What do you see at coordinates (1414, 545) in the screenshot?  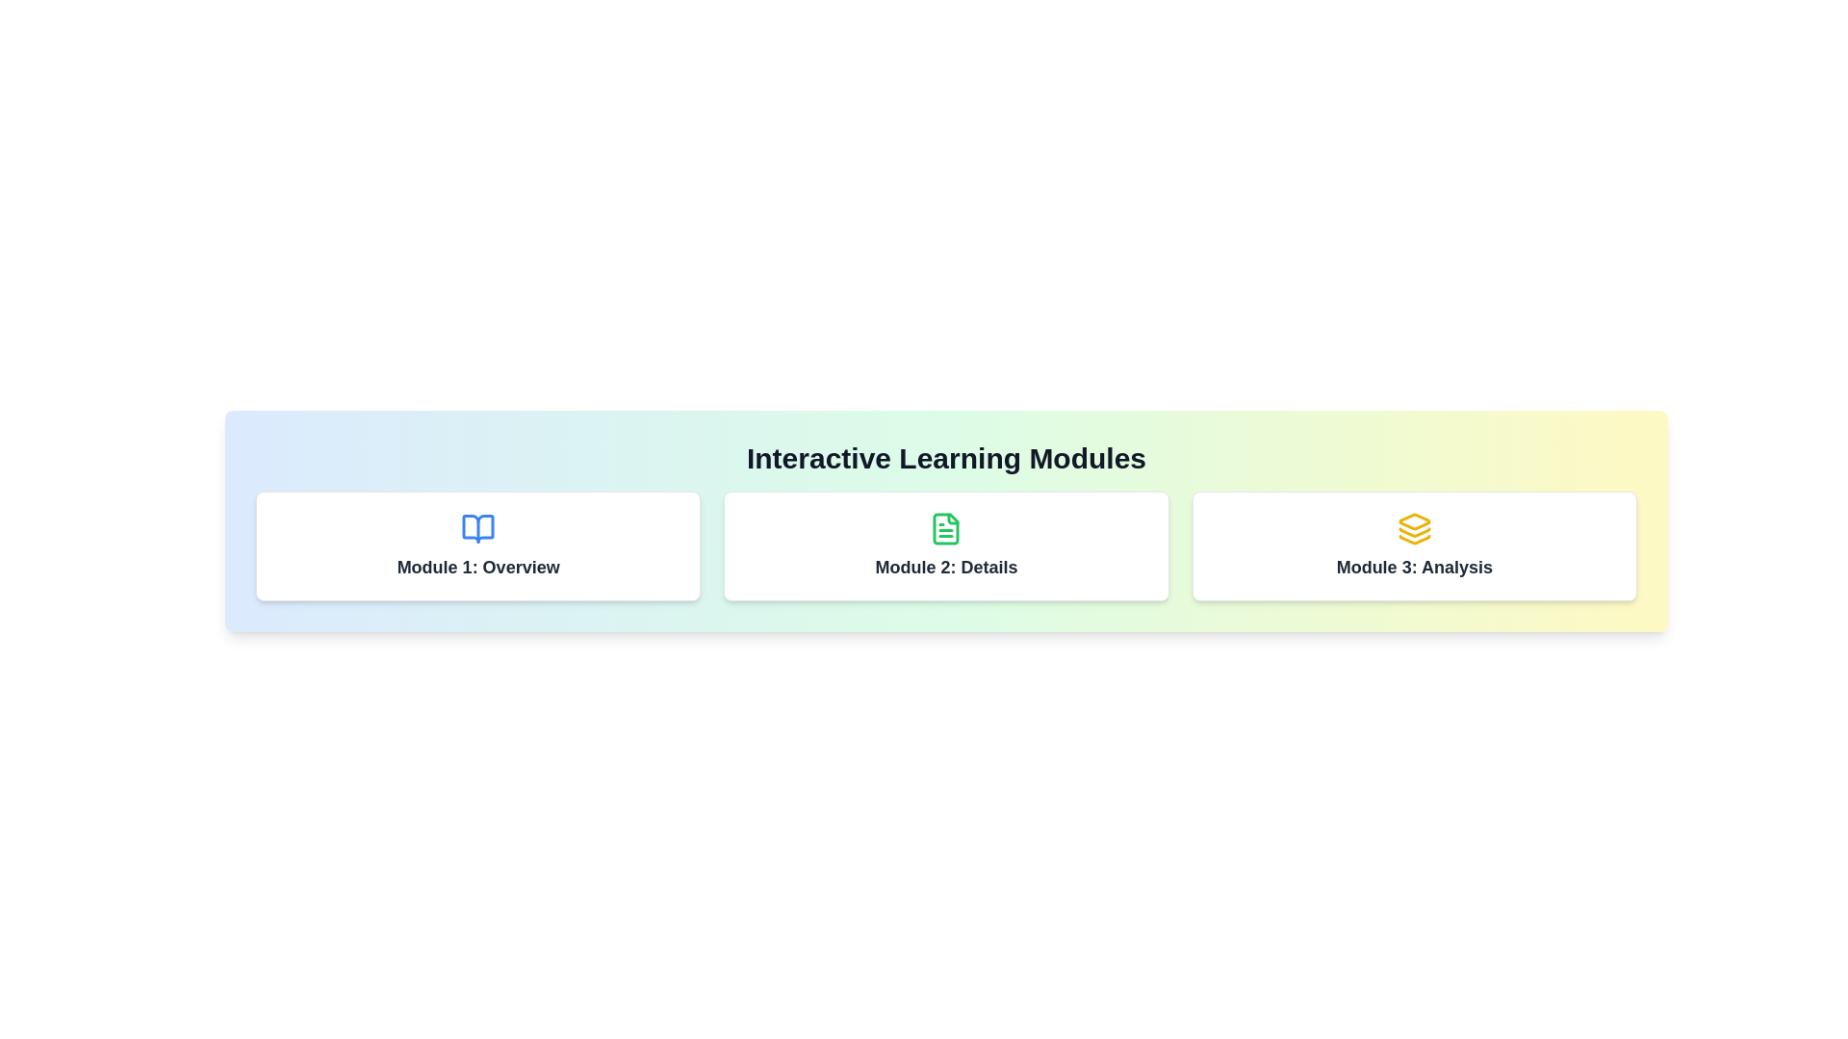 I see `the 'Module 3: Analysis' card` at bounding box center [1414, 545].